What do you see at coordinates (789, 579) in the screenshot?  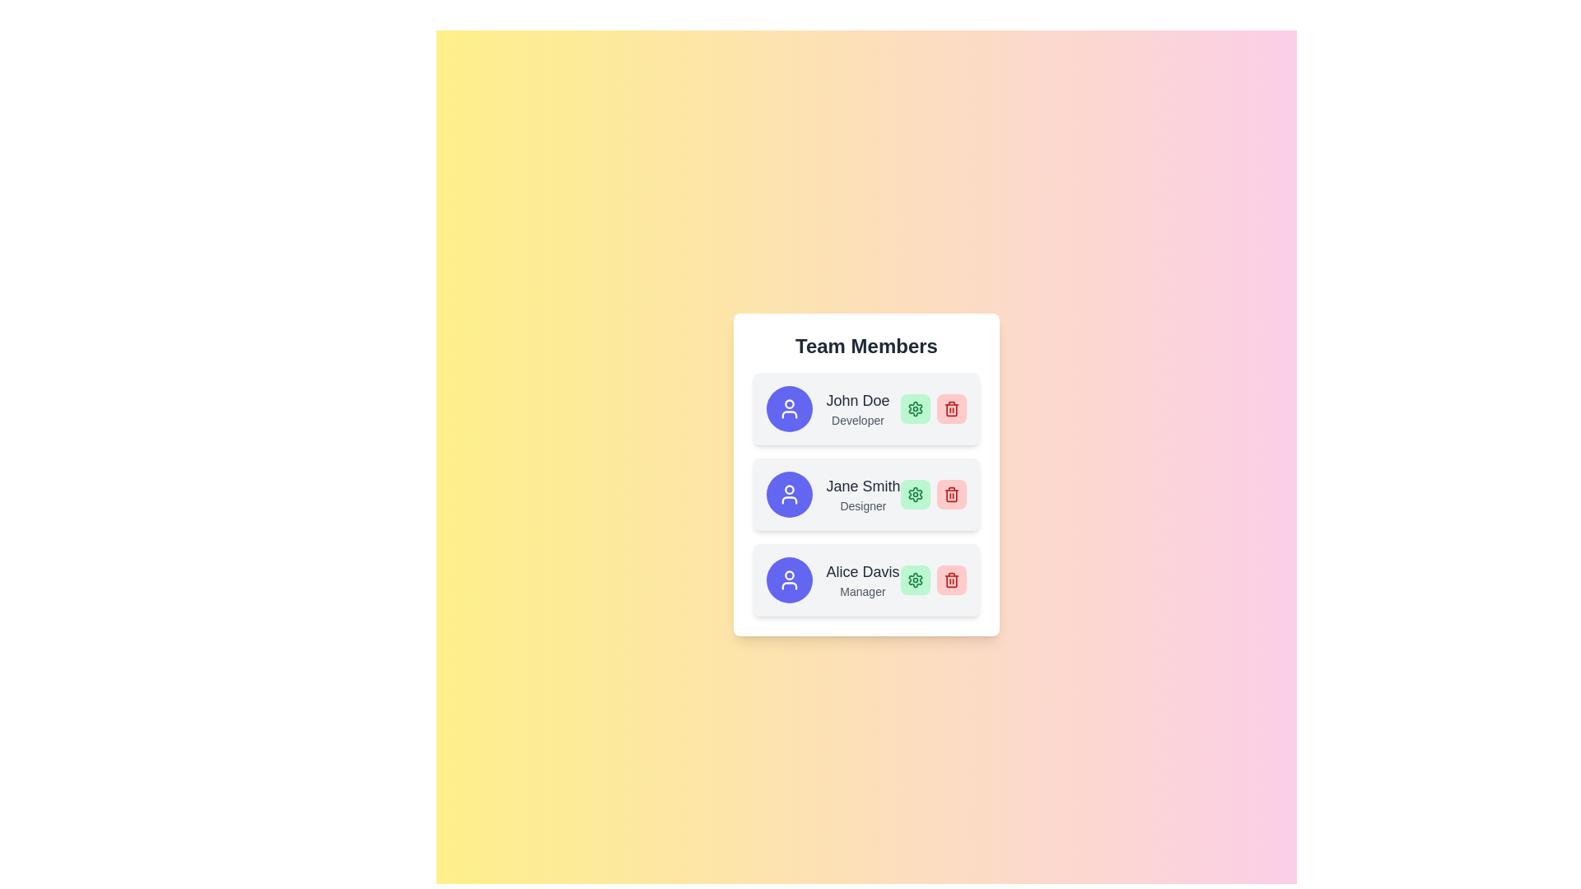 I see `Circular Avatar Icon representing team member 'Alice Davis', which is located on the left side of the third team member card in a vertical list` at bounding box center [789, 579].